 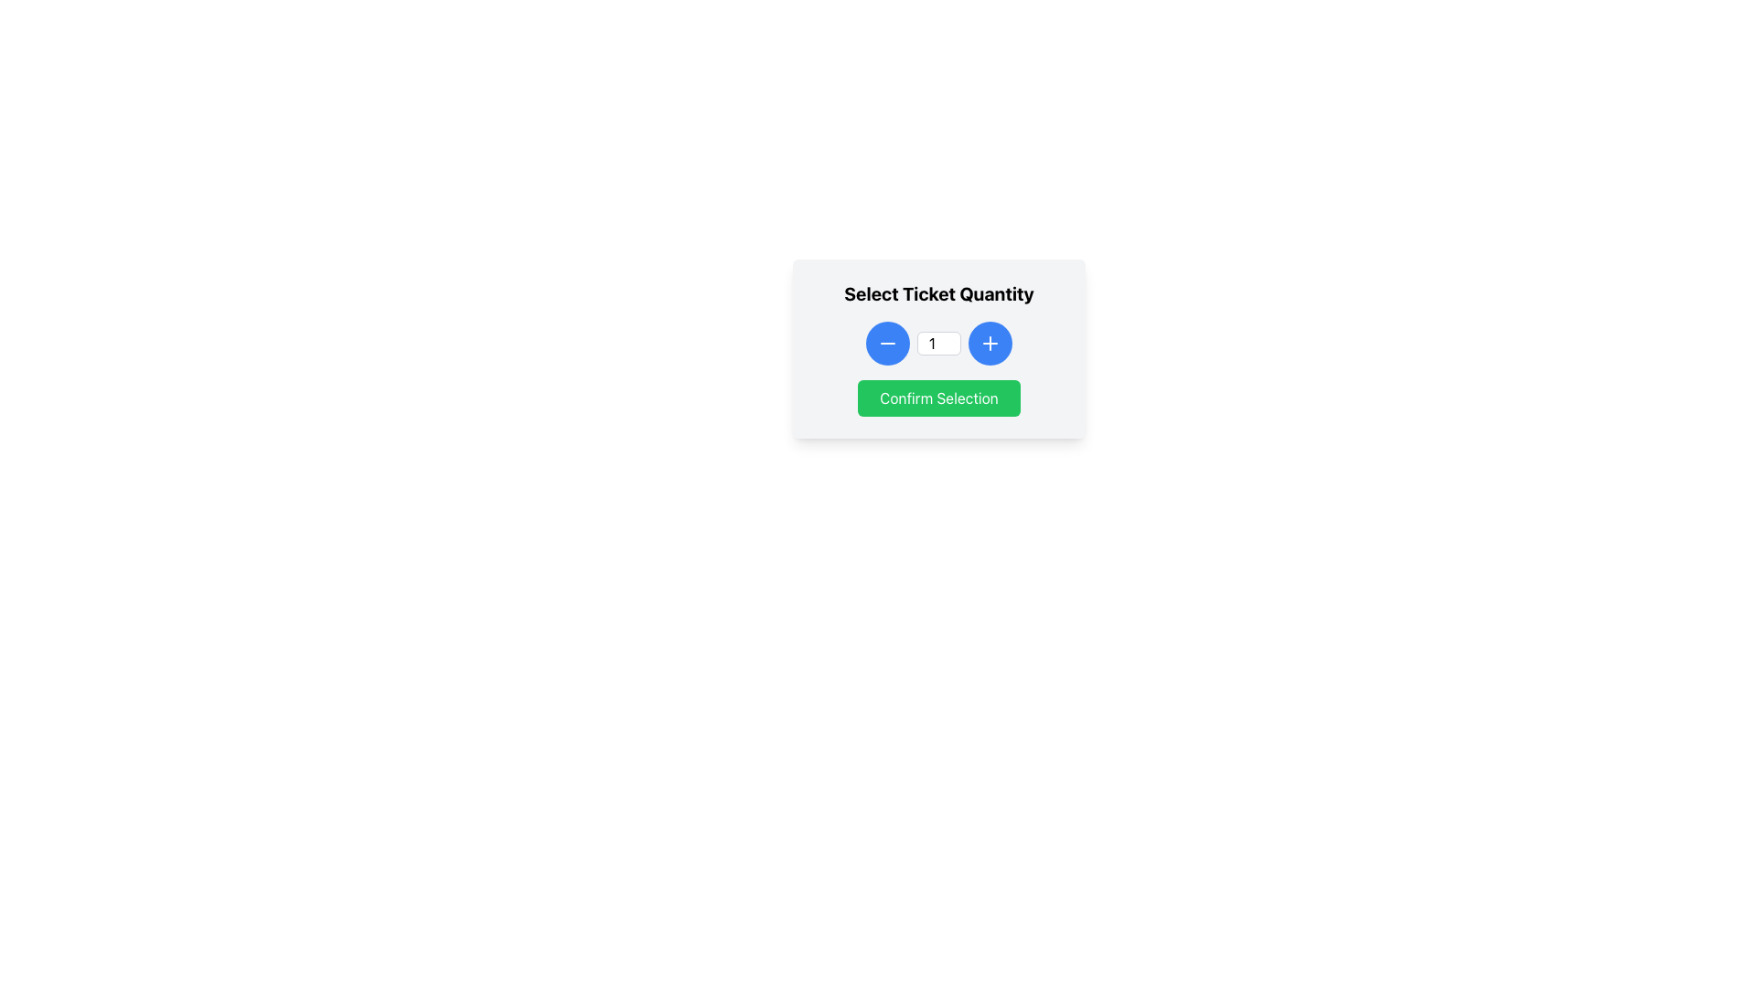 What do you see at coordinates (939, 343) in the screenshot?
I see `the Number Input element, which is a numerical input box located between the blue '-' button on the left and the blue '+' button on the right, to focus on it` at bounding box center [939, 343].